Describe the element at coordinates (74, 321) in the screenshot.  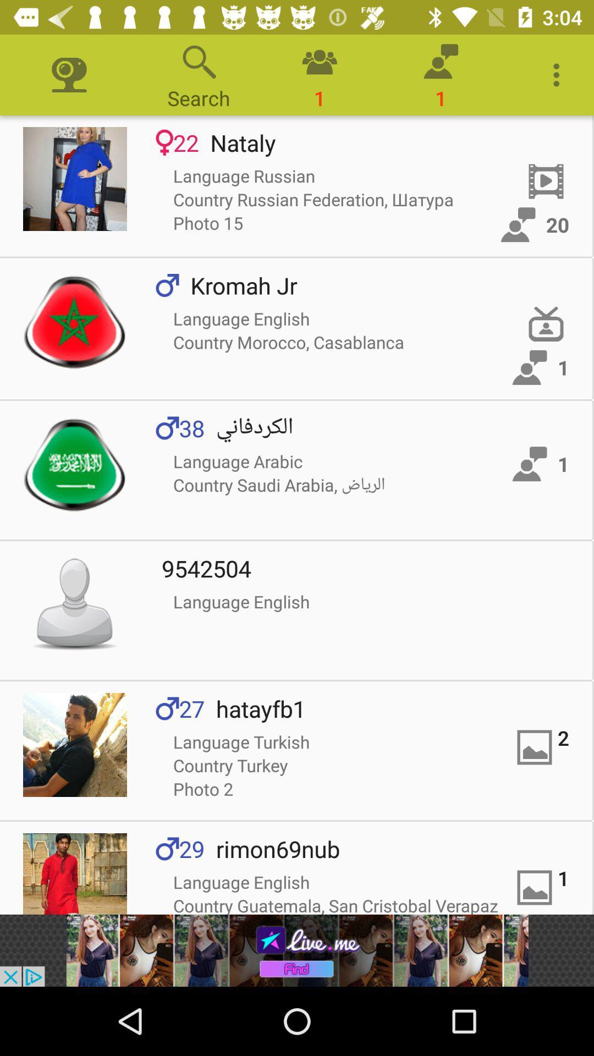
I see `open kromah jr` at that location.